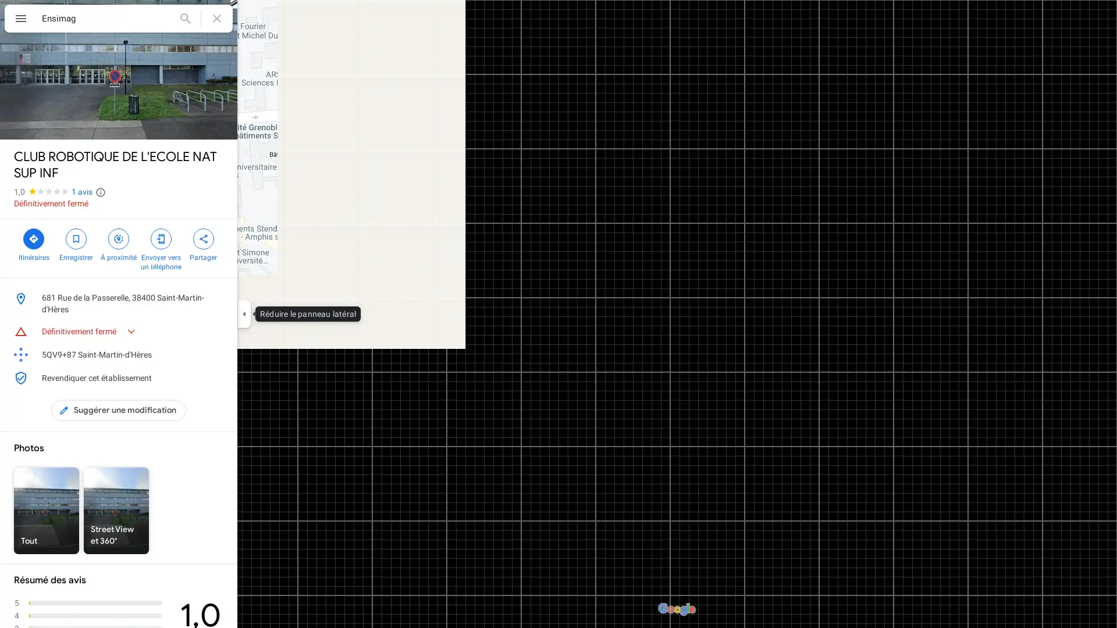 The height and width of the screenshot is (628, 1117). I want to click on Rechercher a proximite de CLUB ROBOTIQUE DE L'ECOLE NAT SUP INF, so click(118, 243).